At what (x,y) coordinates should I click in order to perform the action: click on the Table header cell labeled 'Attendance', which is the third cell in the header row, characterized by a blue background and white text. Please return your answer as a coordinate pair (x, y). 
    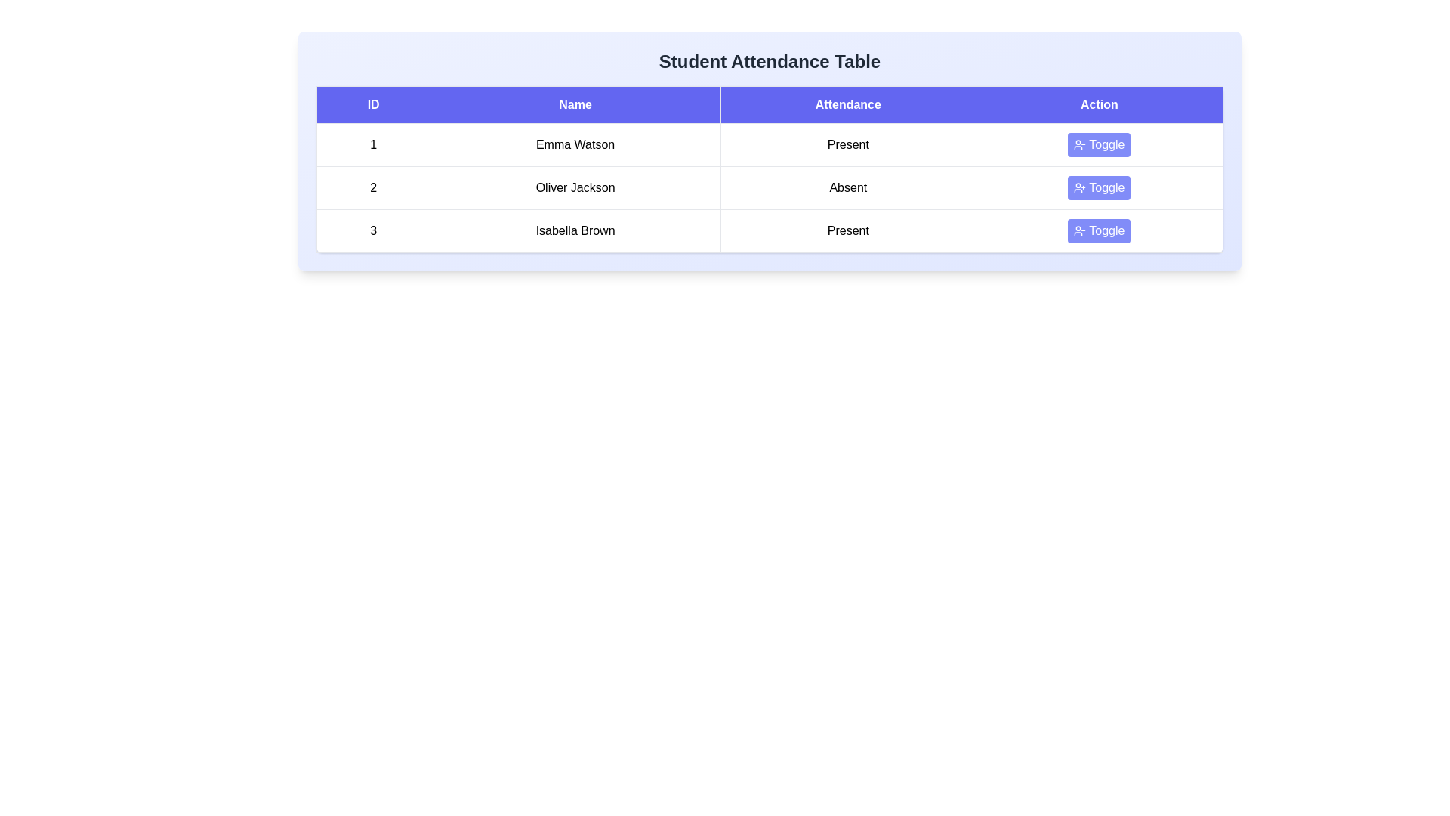
    Looking at the image, I should click on (848, 104).